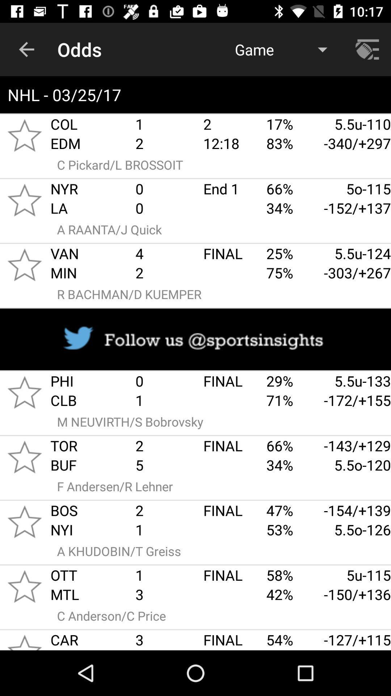 This screenshot has width=391, height=696. What do you see at coordinates (24, 200) in the screenshot?
I see `to favorites` at bounding box center [24, 200].